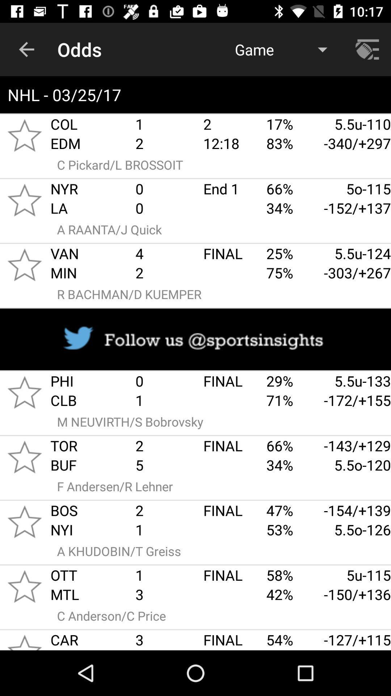 This screenshot has width=391, height=696. What do you see at coordinates (24, 200) in the screenshot?
I see `to favorites` at bounding box center [24, 200].